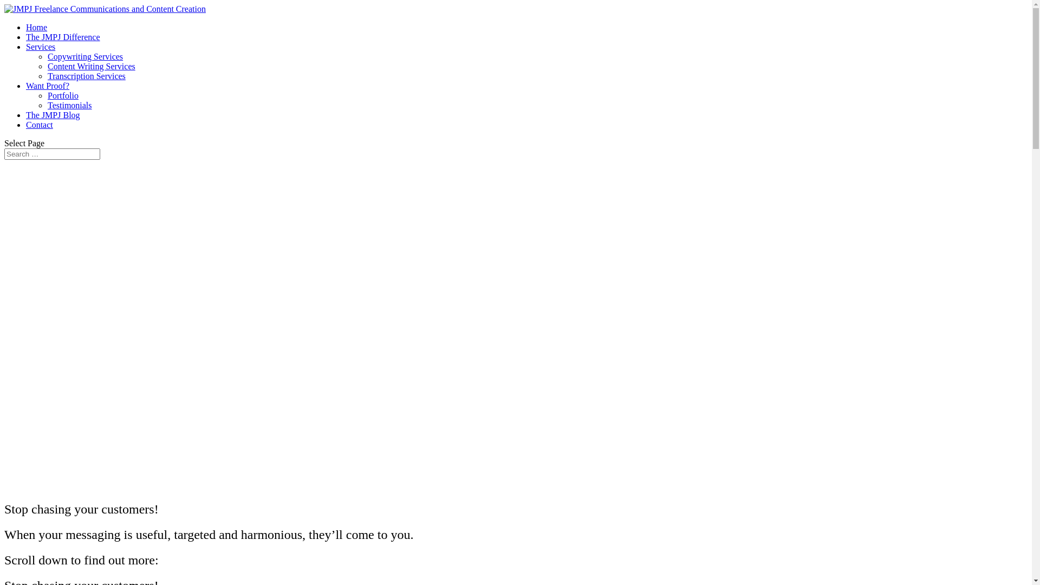 The height and width of the screenshot is (585, 1040). What do you see at coordinates (36, 27) in the screenshot?
I see `'Home'` at bounding box center [36, 27].